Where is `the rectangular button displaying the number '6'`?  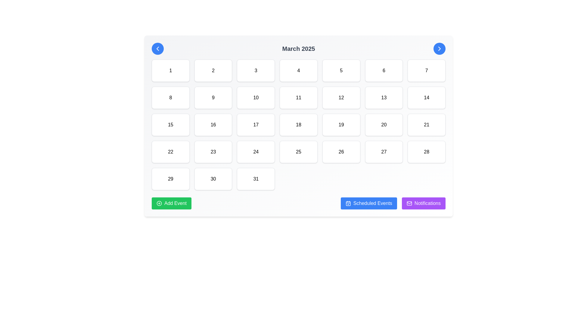 the rectangular button displaying the number '6' is located at coordinates (384, 70).